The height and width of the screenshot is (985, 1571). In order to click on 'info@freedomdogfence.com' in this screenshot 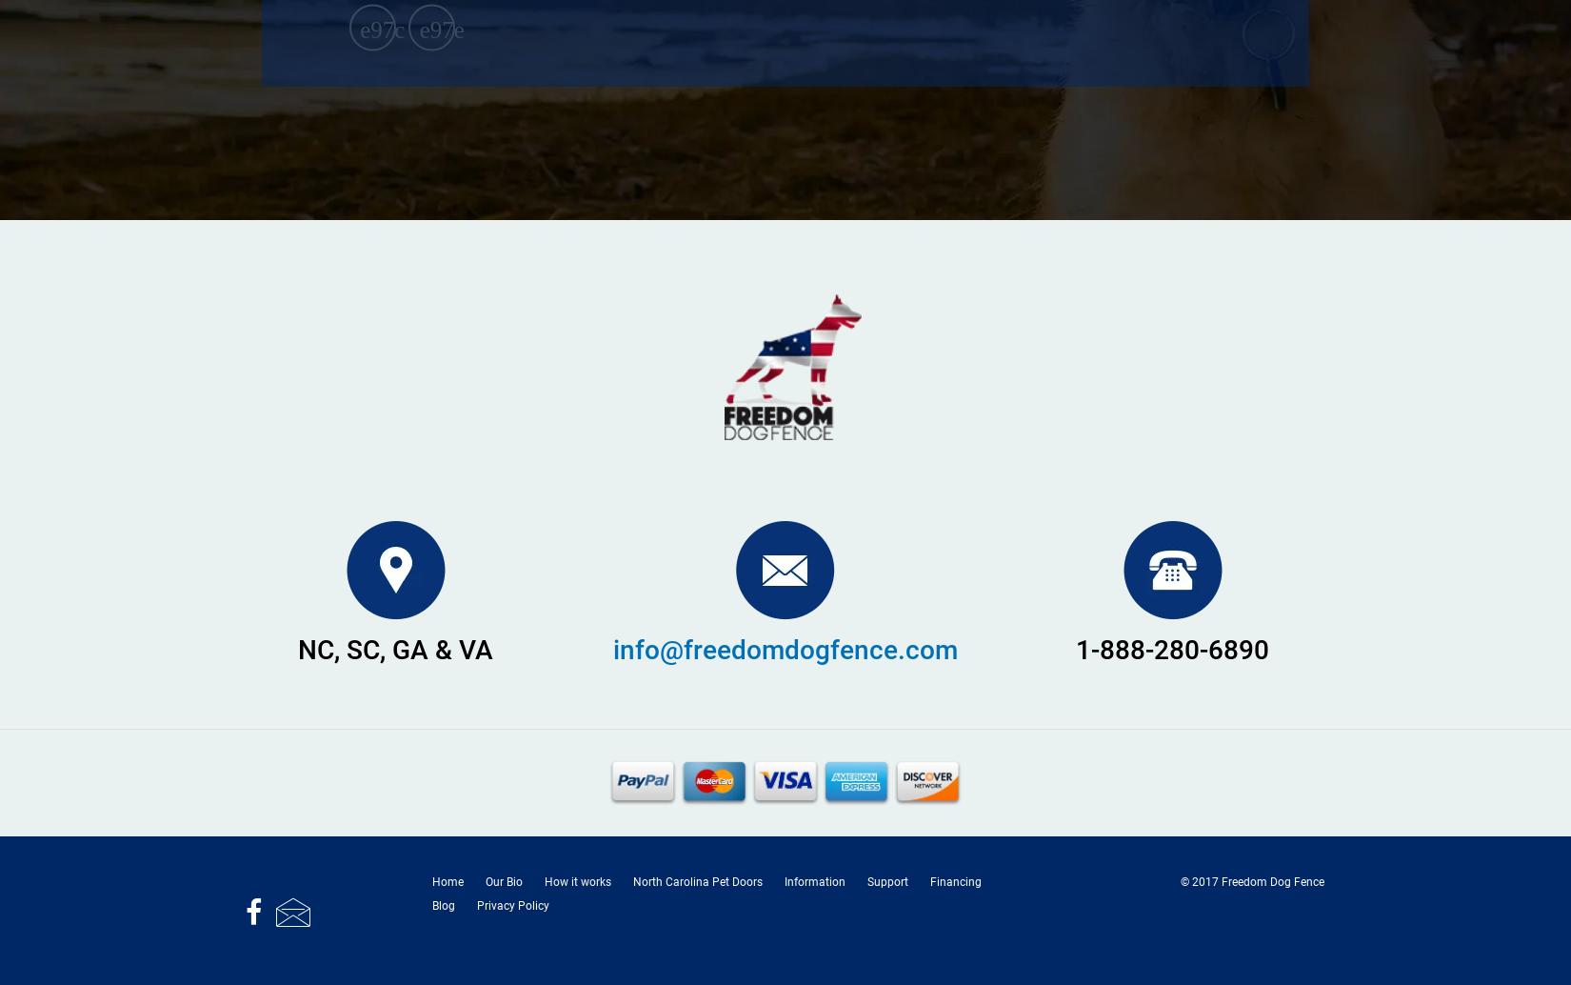, I will do `click(784, 650)`.